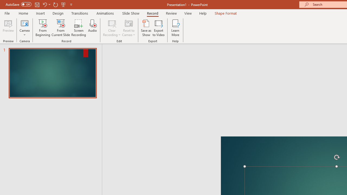  What do you see at coordinates (92, 28) in the screenshot?
I see `'Audio'` at bounding box center [92, 28].